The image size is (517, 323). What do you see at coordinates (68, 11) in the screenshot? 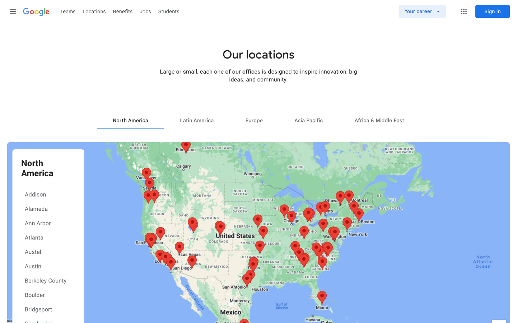
I see `Teams page` at bounding box center [68, 11].